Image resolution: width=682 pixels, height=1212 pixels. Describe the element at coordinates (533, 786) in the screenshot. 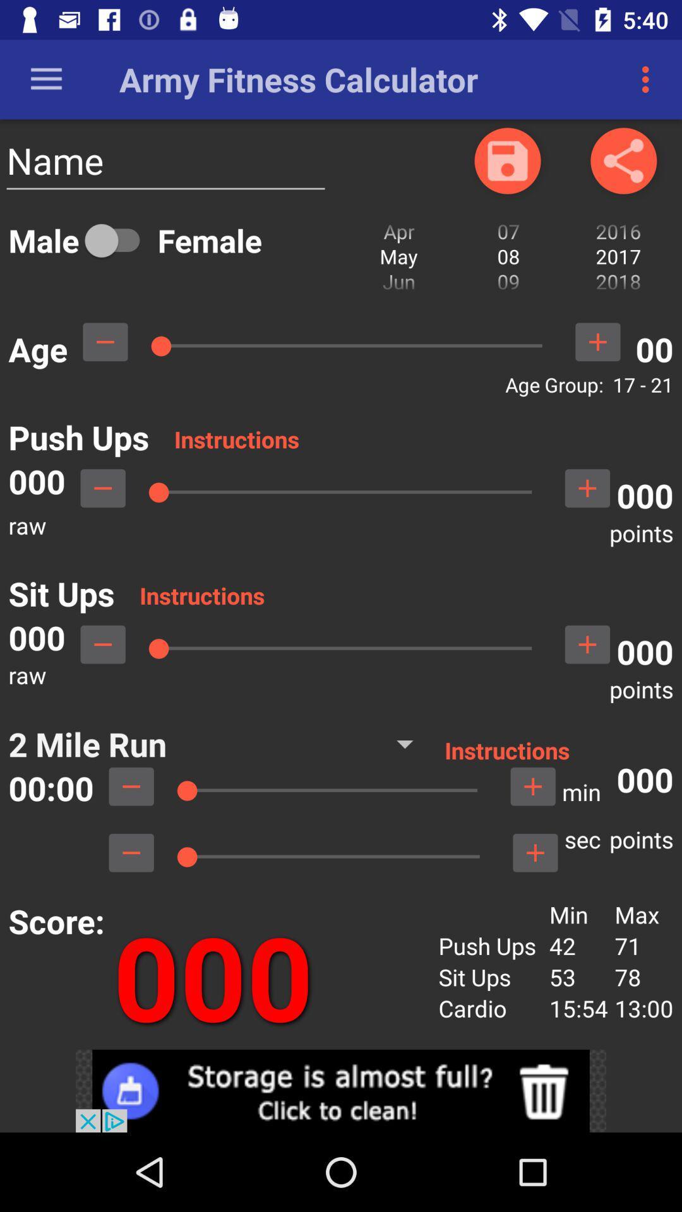

I see `increase minutes` at that location.